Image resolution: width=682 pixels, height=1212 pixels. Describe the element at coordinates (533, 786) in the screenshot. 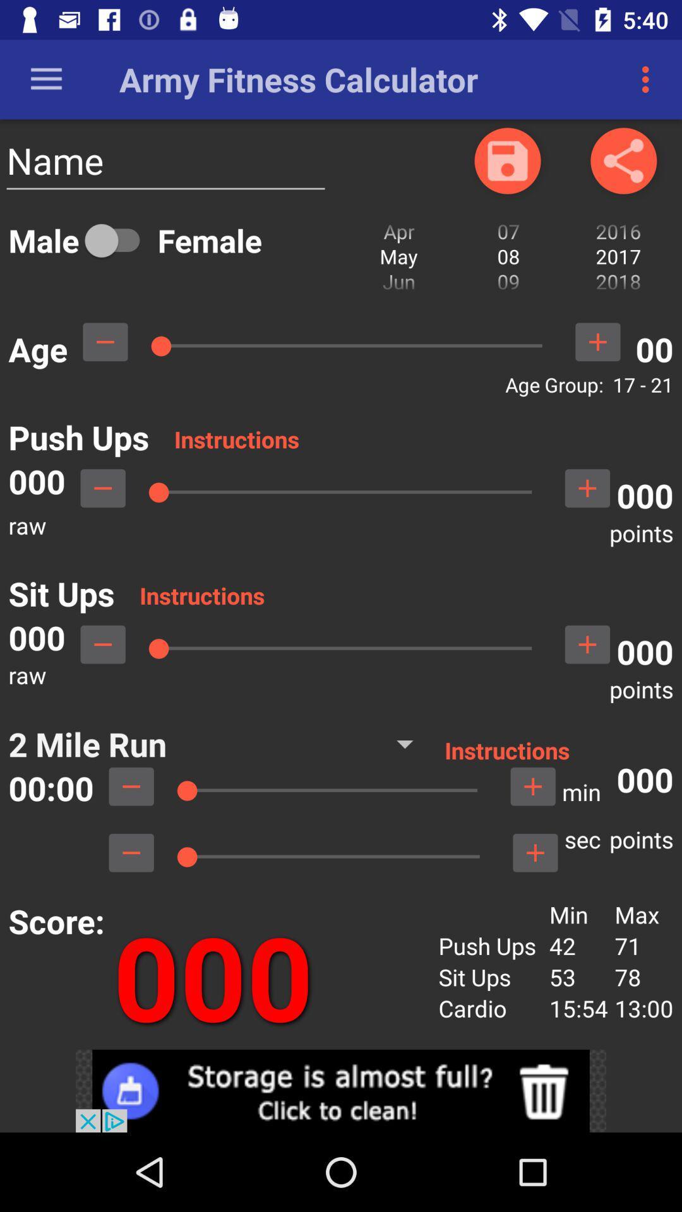

I see `increase minutes` at that location.